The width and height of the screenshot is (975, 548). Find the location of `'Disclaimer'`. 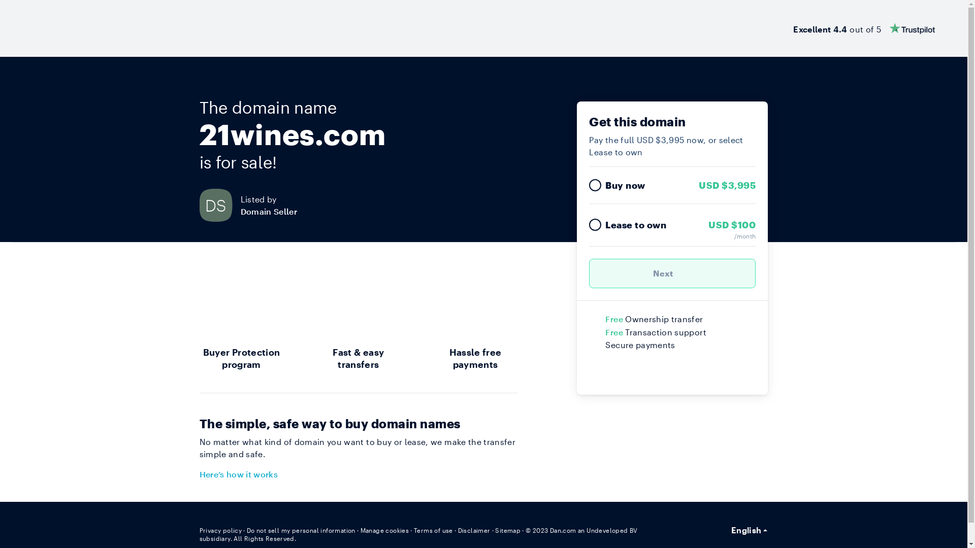

'Disclaimer' is located at coordinates (474, 530).